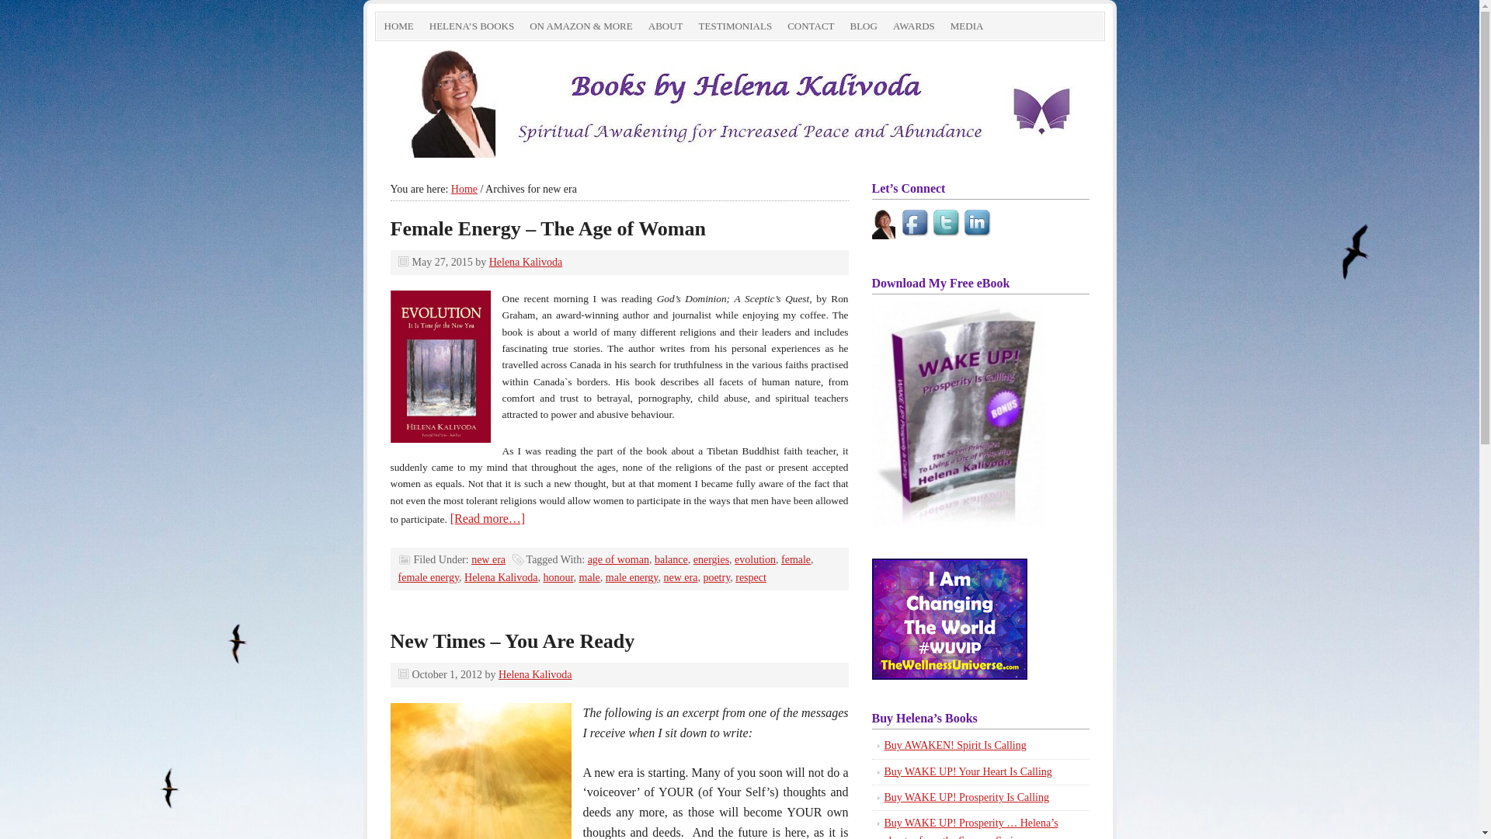  Describe the element at coordinates (809, 26) in the screenshot. I see `'CONTACT'` at that location.